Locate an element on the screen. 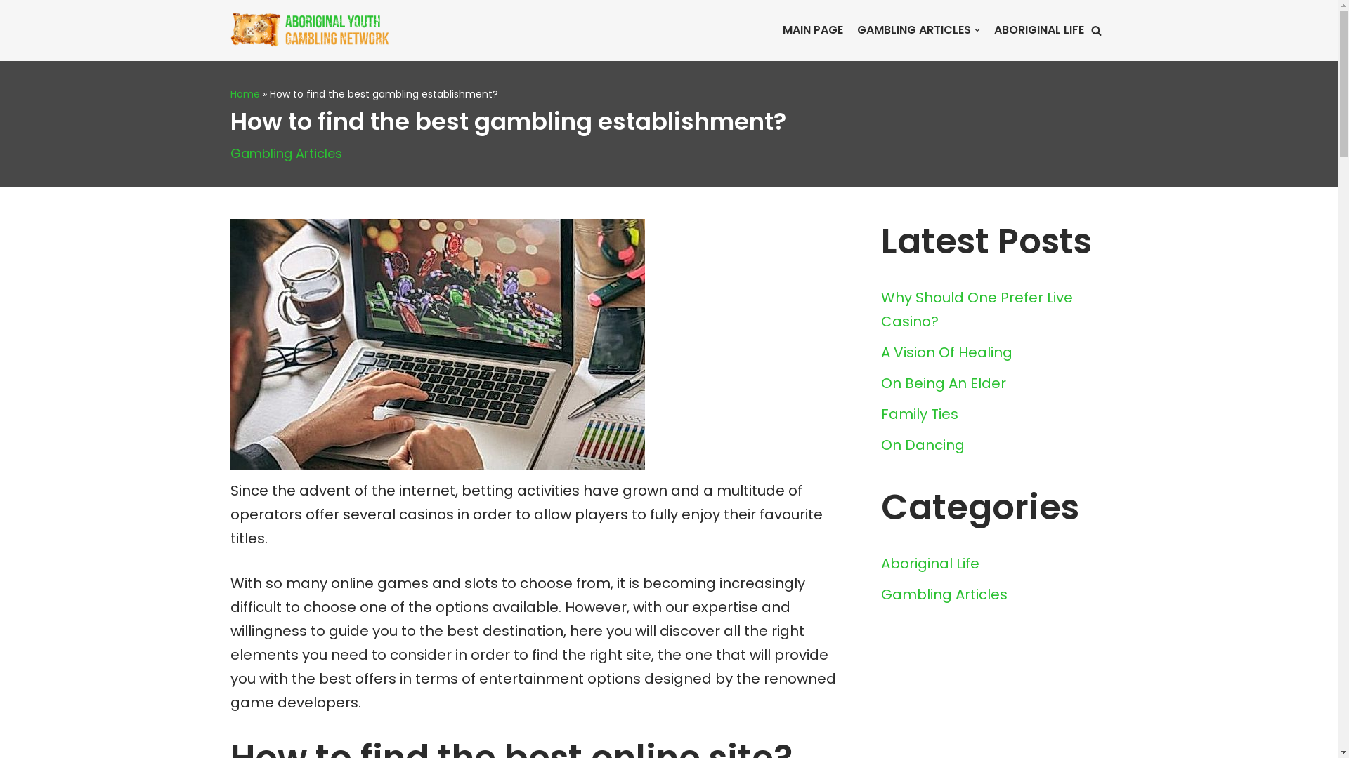 Image resolution: width=1349 pixels, height=758 pixels. 'On Being An Elder' is located at coordinates (944, 383).